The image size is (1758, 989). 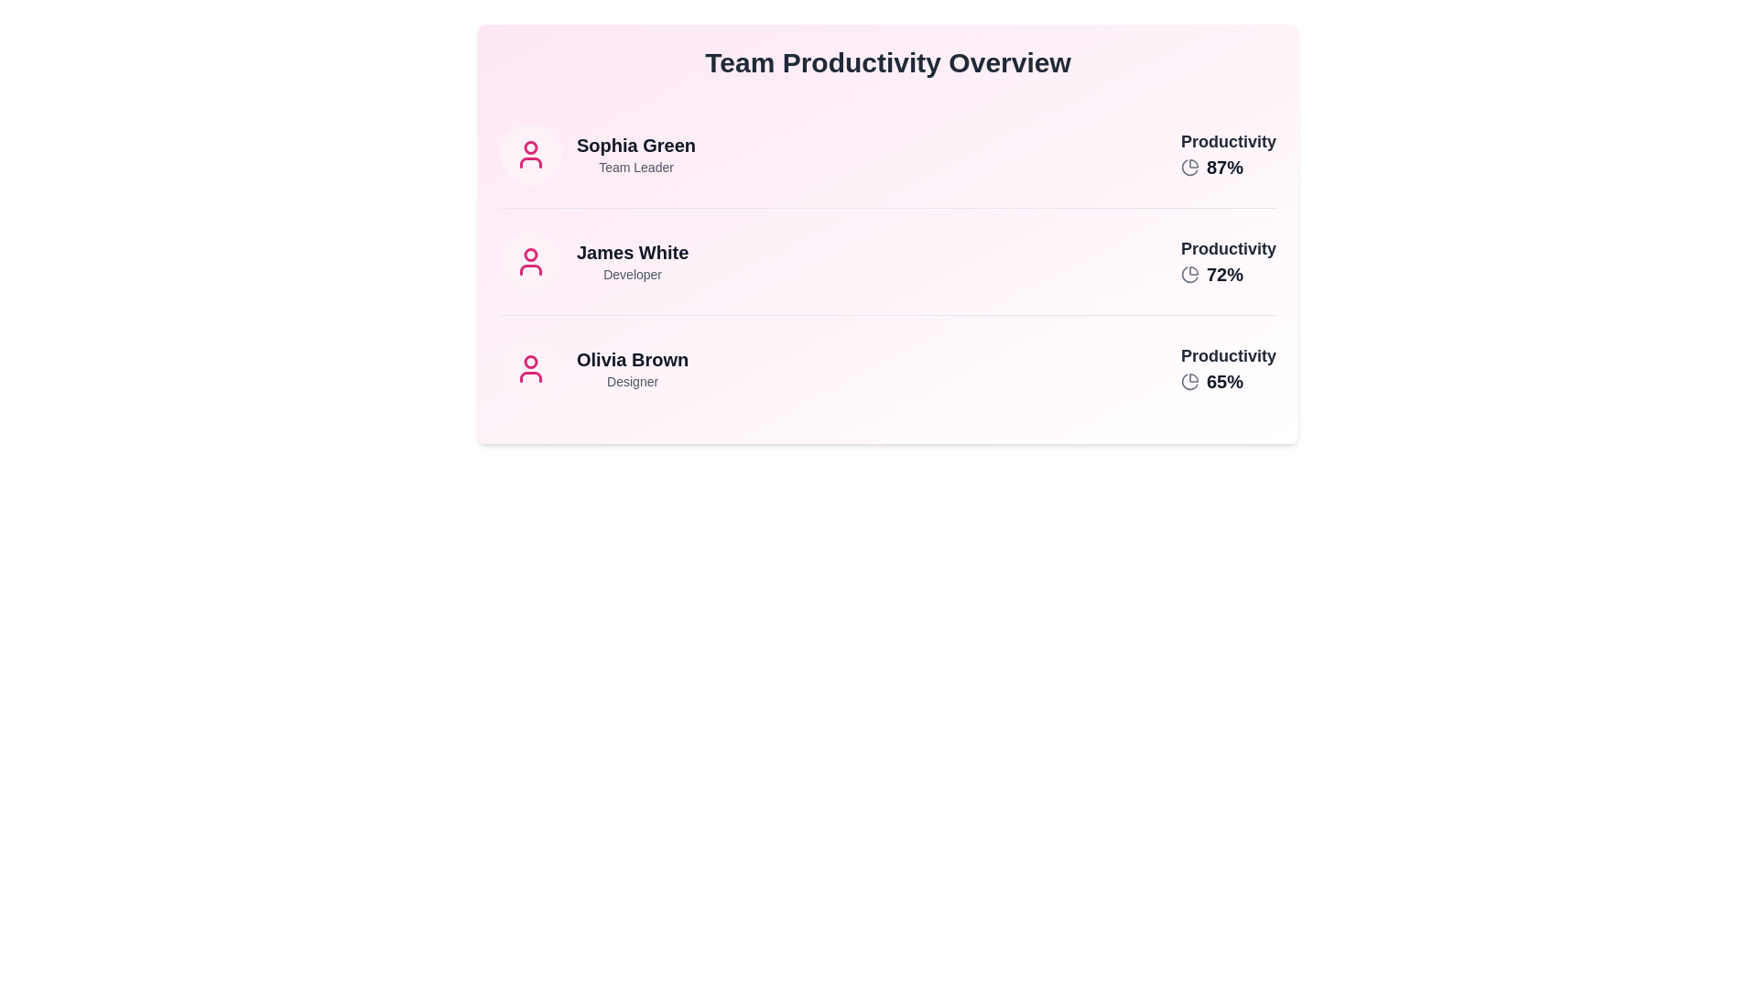 I want to click on the static text element displaying the job title 'Team Leader', which is located below the name 'Sophia Green', so click(x=636, y=167).